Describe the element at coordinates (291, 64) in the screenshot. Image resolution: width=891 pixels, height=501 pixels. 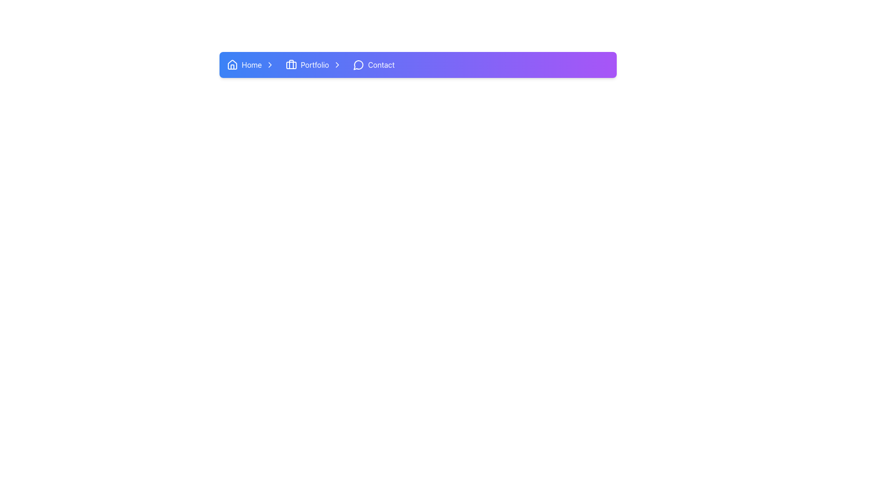
I see `the briefcase-shaped icon with a blue square background located in the top navigation bar next to the 'Portfolio' text` at that location.